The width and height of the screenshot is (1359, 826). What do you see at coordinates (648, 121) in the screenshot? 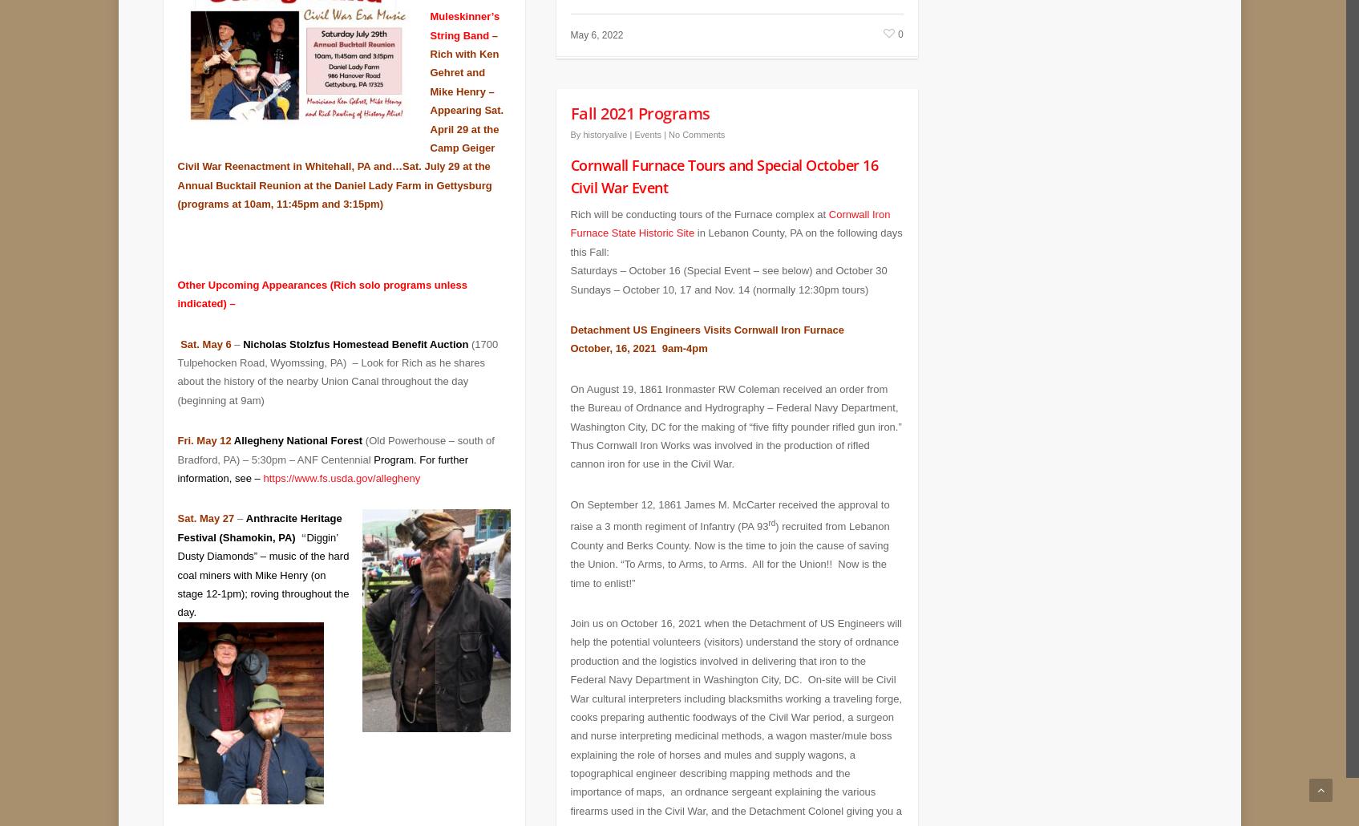
I see `'Events'` at bounding box center [648, 121].